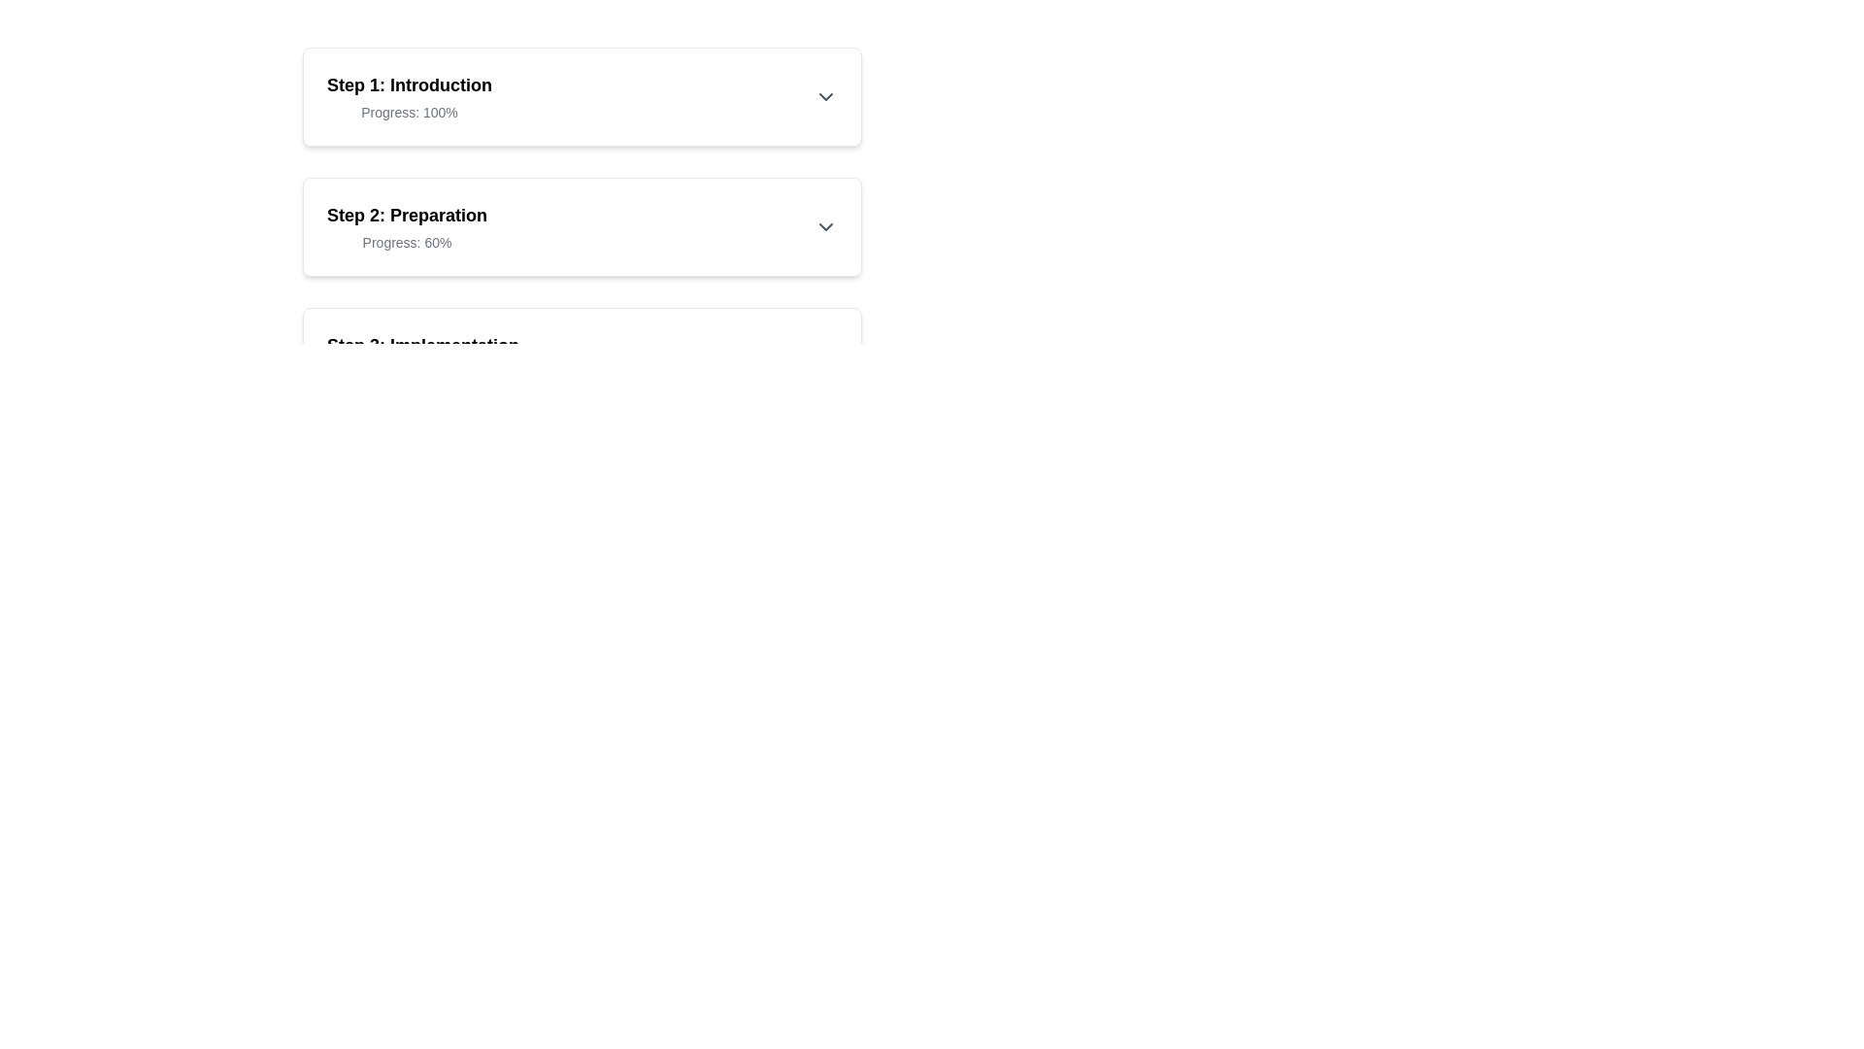  Describe the element at coordinates (825, 97) in the screenshot. I see `the Dropdown toggle button located at the far right of the 'Step 1: Introduction' section header` at that location.